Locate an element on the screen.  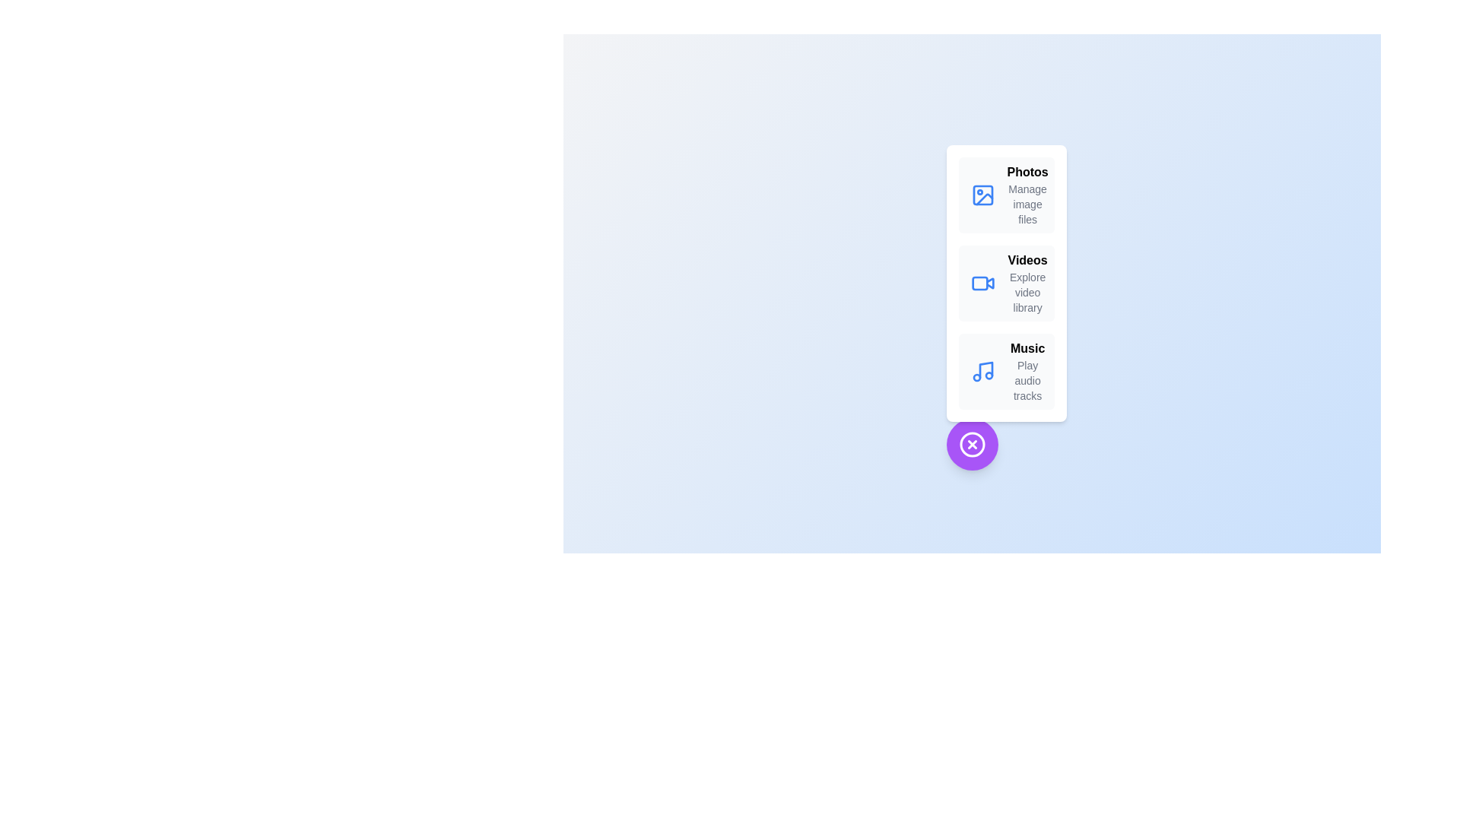
the purple circular button to toggle the main menu is located at coordinates (971, 445).